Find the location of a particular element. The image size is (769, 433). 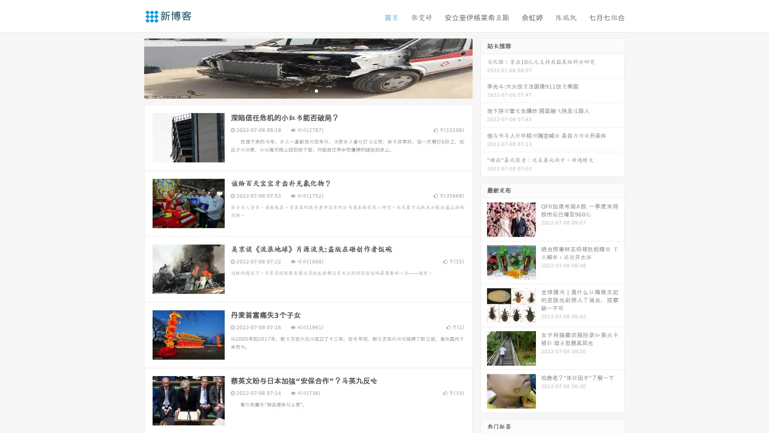

Next slide is located at coordinates (484, 67).